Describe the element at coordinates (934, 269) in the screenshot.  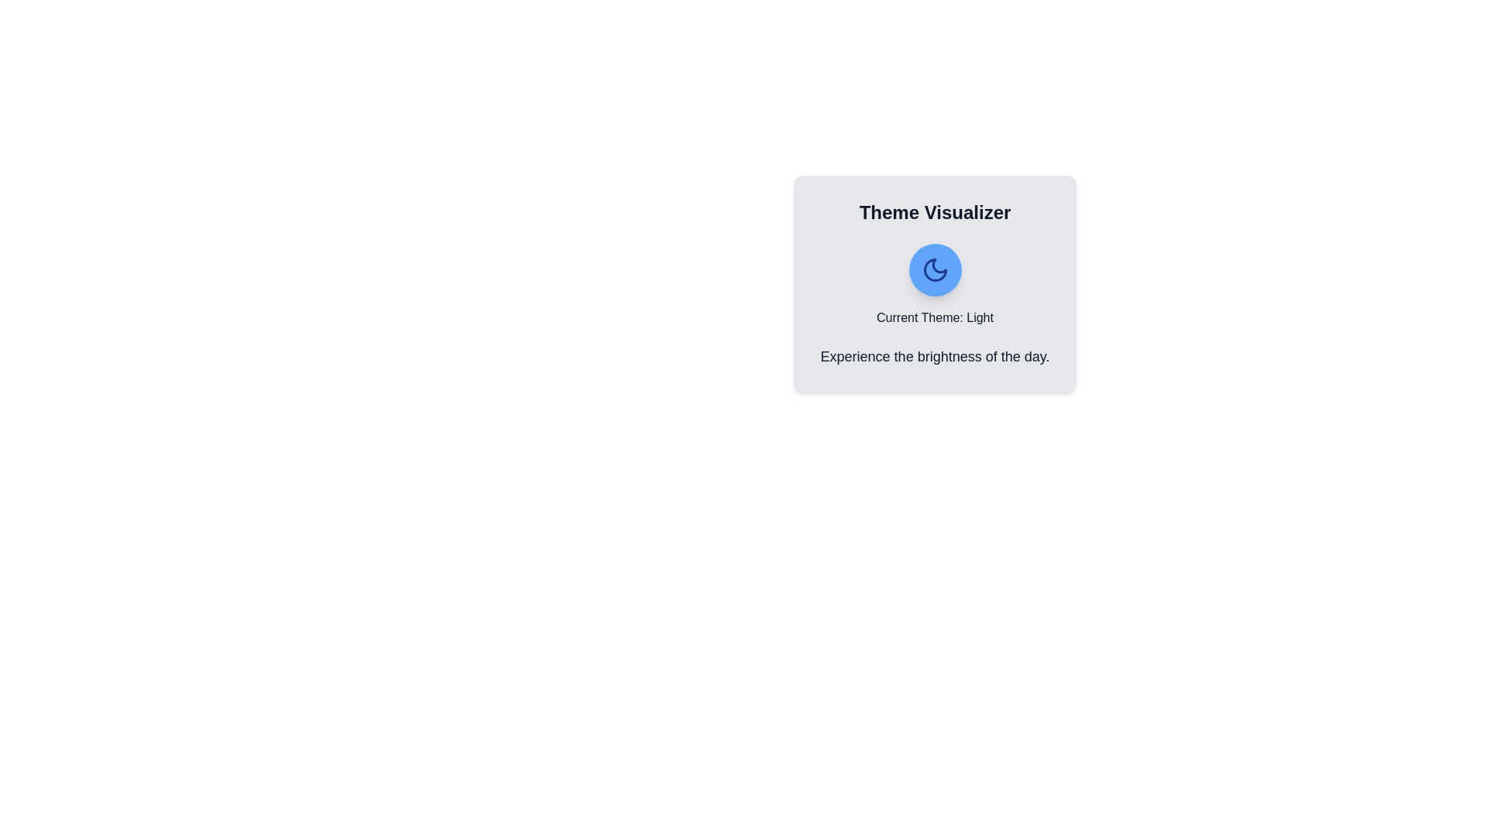
I see `the theme toggle button to switch between light and dark themes` at that location.